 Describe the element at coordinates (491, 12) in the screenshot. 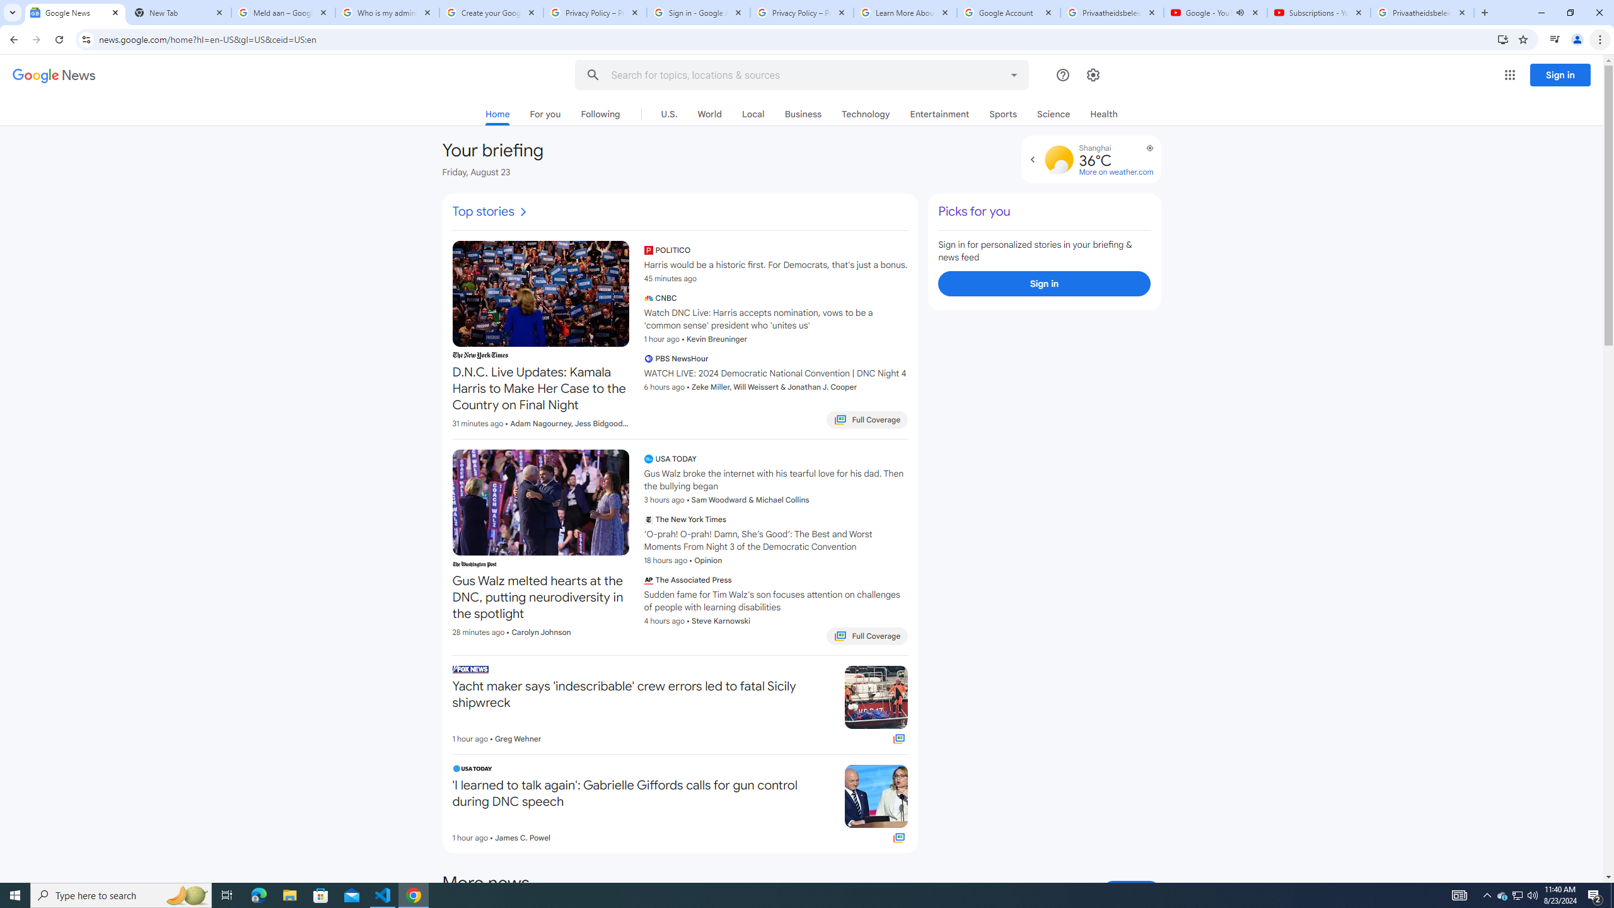

I see `'Create your Google Account'` at that location.